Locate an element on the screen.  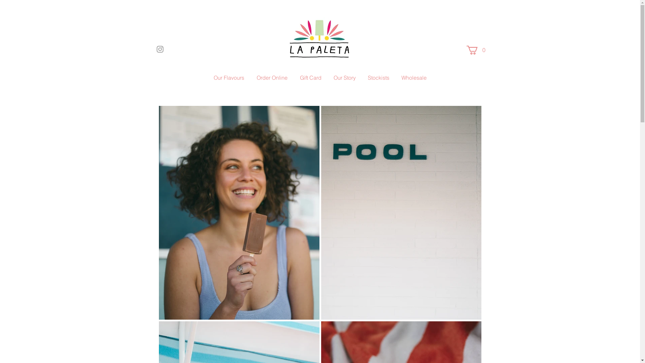
'Gift Card' is located at coordinates (310, 77).